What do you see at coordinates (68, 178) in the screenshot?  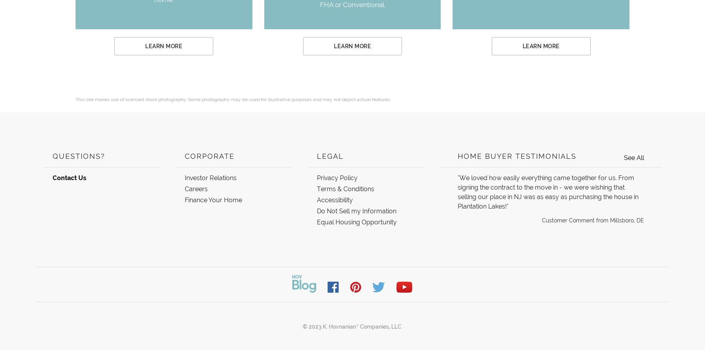 I see `'Contact Us'` at bounding box center [68, 178].